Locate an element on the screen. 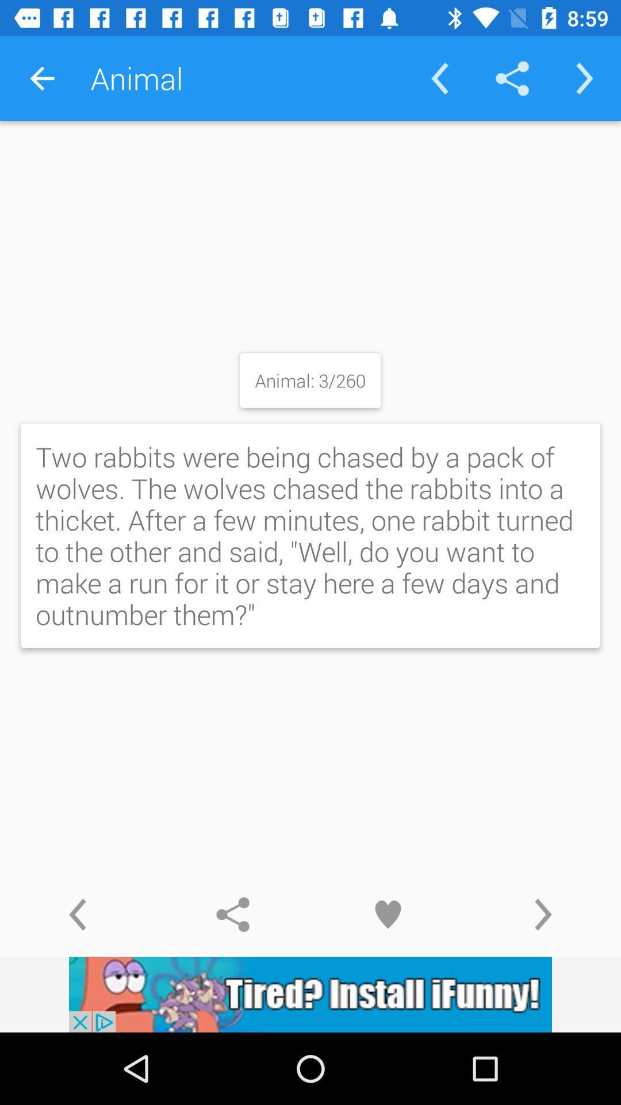 The height and width of the screenshot is (1105, 621). advertisement website is located at coordinates (310, 994).